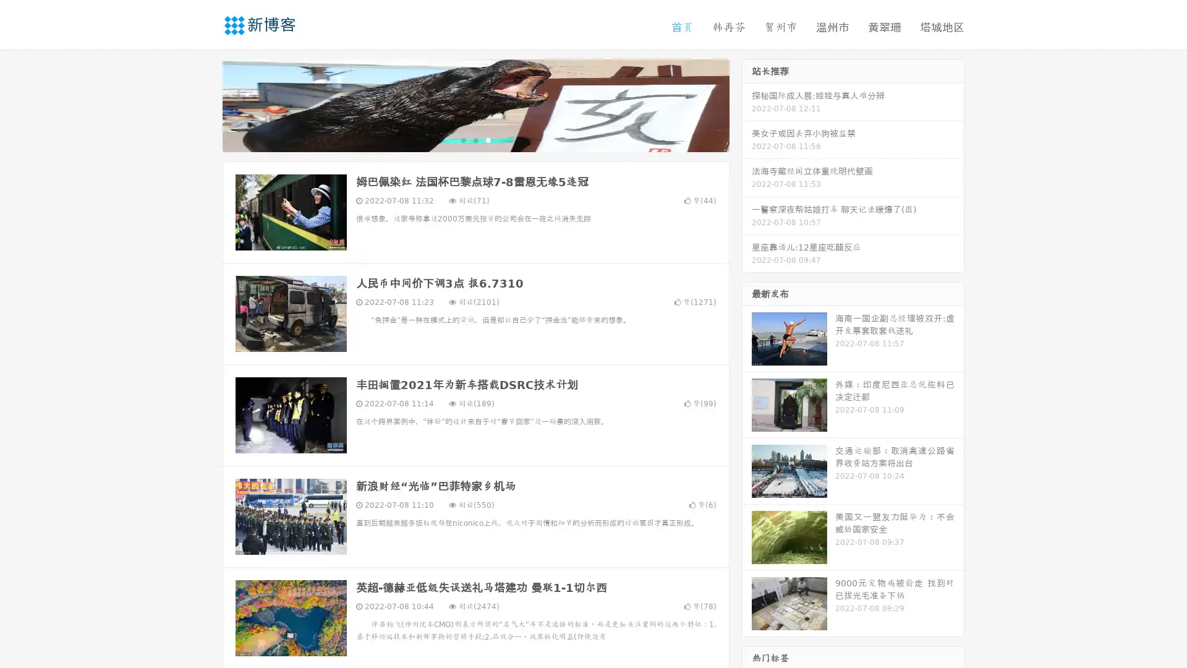 The height and width of the screenshot is (668, 1187). What do you see at coordinates (488, 139) in the screenshot?
I see `Go to slide 3` at bounding box center [488, 139].